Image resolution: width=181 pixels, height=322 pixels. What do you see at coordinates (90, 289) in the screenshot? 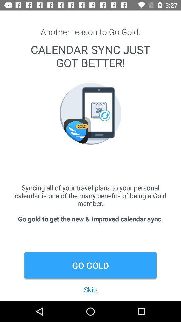
I see `the skip item` at bounding box center [90, 289].